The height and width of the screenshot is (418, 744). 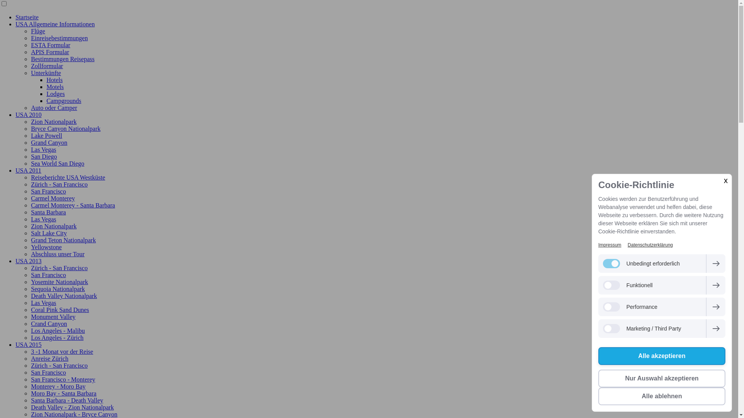 What do you see at coordinates (28, 115) in the screenshot?
I see `'USA 2010'` at bounding box center [28, 115].